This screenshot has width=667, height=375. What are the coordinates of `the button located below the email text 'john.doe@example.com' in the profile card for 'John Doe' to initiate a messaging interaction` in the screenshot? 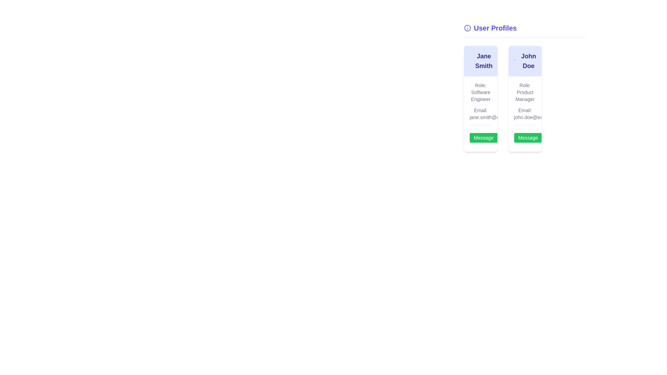 It's located at (525, 135).